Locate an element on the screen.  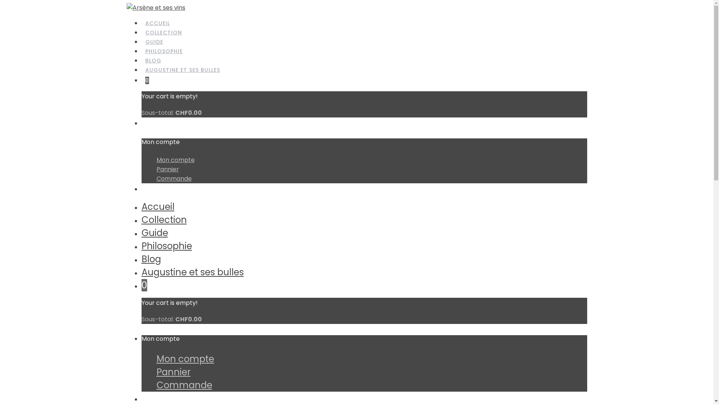
'Pannier' is located at coordinates (156, 169).